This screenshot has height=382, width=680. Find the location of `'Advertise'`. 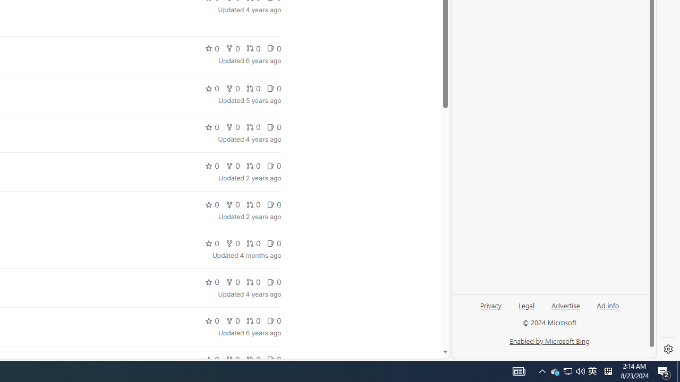

'Advertise' is located at coordinates (565, 305).